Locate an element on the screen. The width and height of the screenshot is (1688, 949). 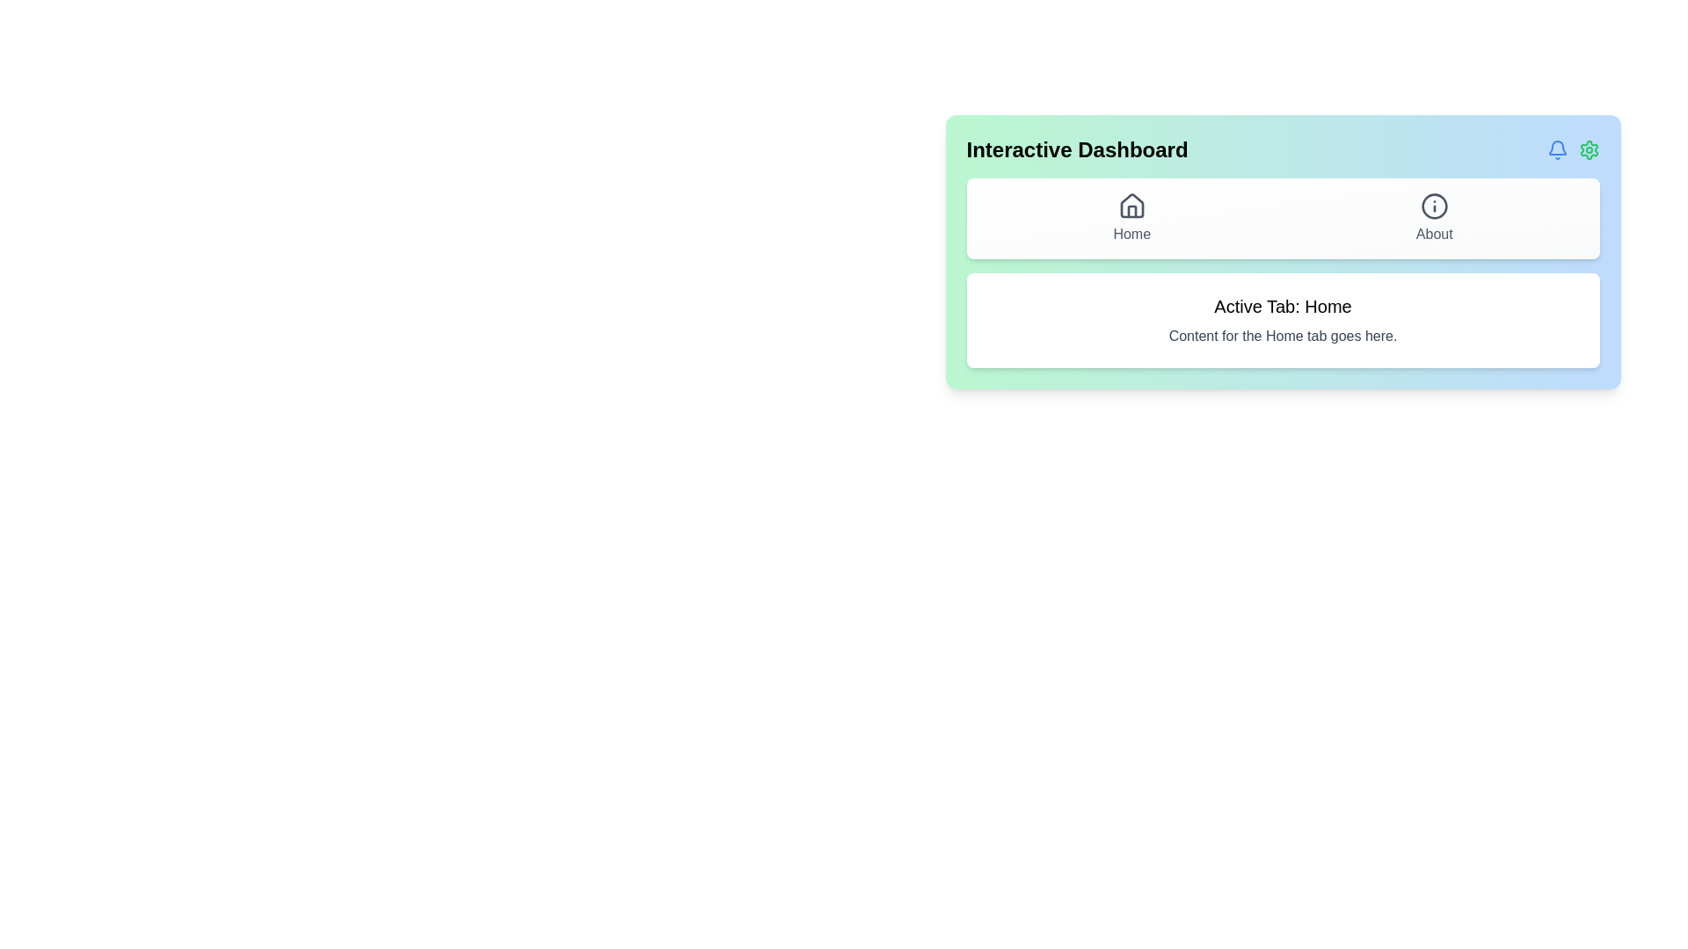
the door graphical element of the house icon, which is centrally located at the top of the interface is located at coordinates (1131, 210).